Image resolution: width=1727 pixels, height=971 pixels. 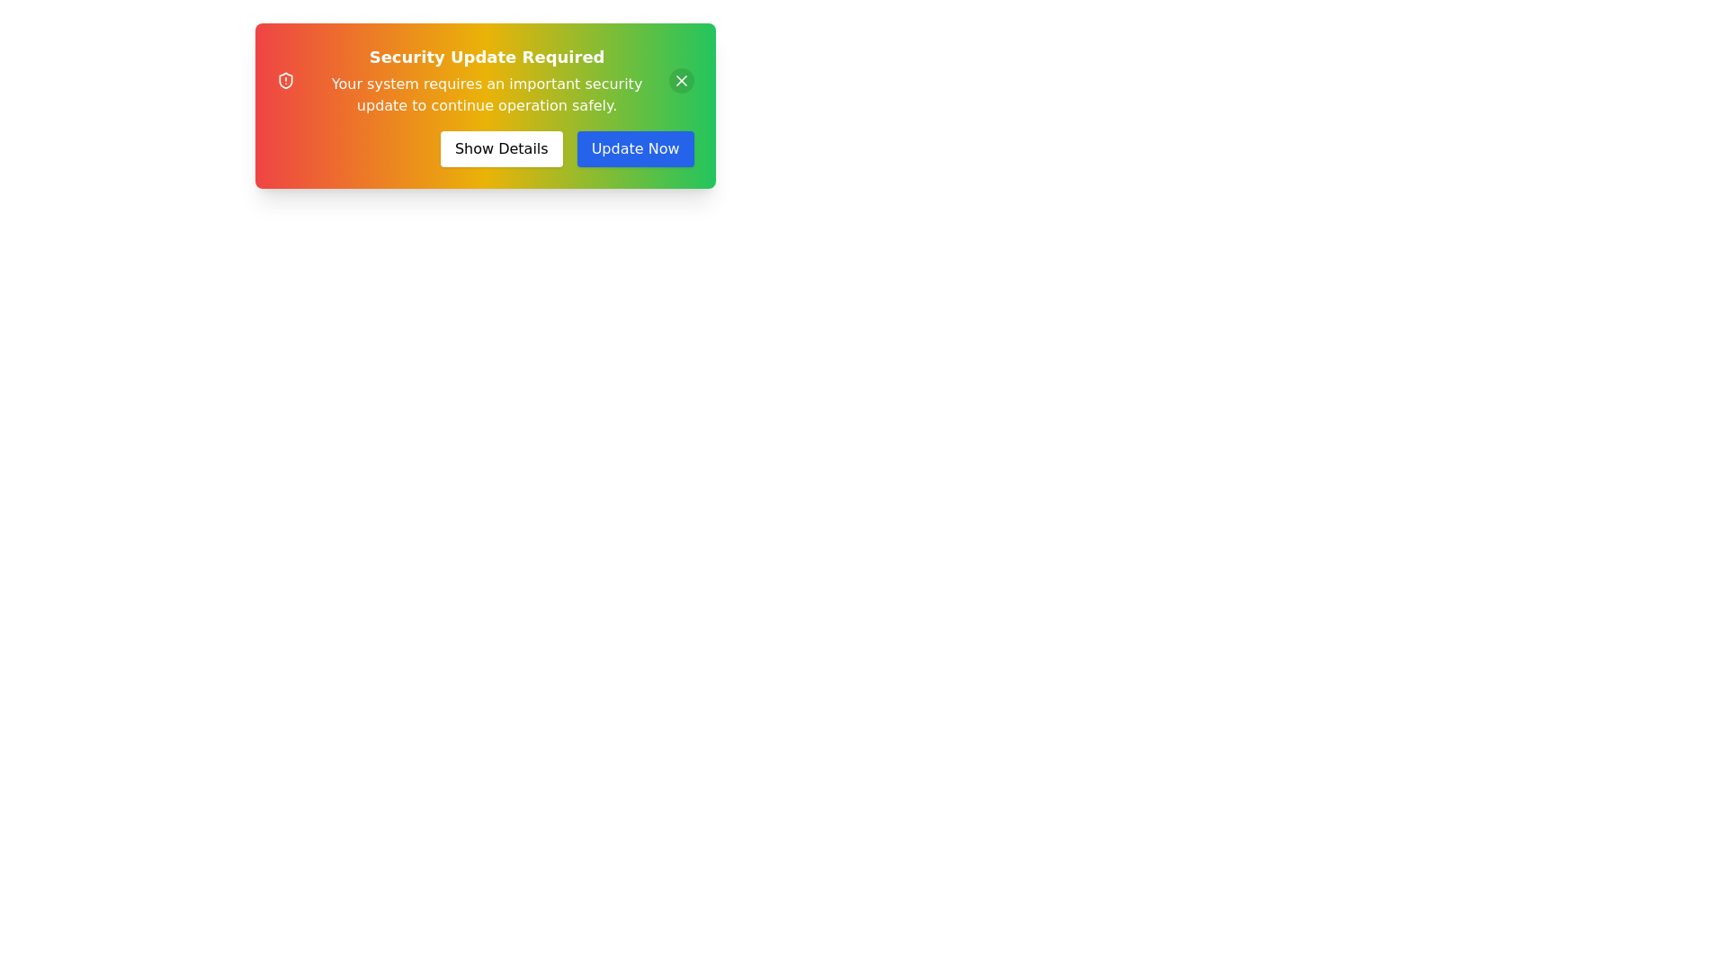 What do you see at coordinates (680, 79) in the screenshot?
I see `the close button to close the alert` at bounding box center [680, 79].